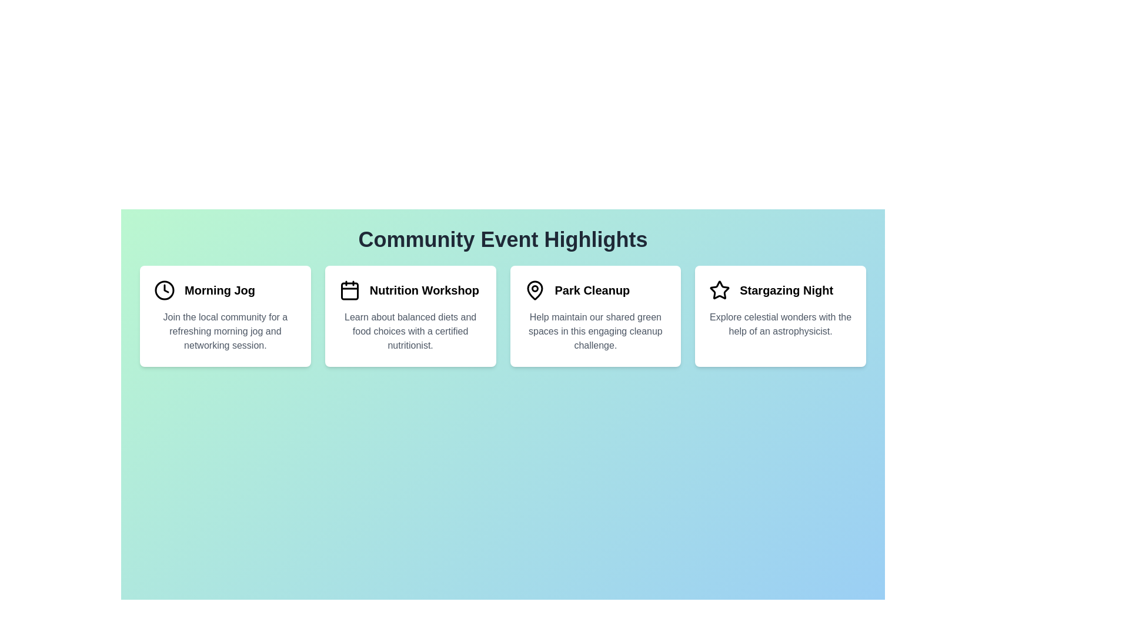 The width and height of the screenshot is (1129, 635). I want to click on the non-interactive map pin icon located in the upper-left section of the 'Park Cleanup' card, which signifies a geographic point, so click(534, 290).